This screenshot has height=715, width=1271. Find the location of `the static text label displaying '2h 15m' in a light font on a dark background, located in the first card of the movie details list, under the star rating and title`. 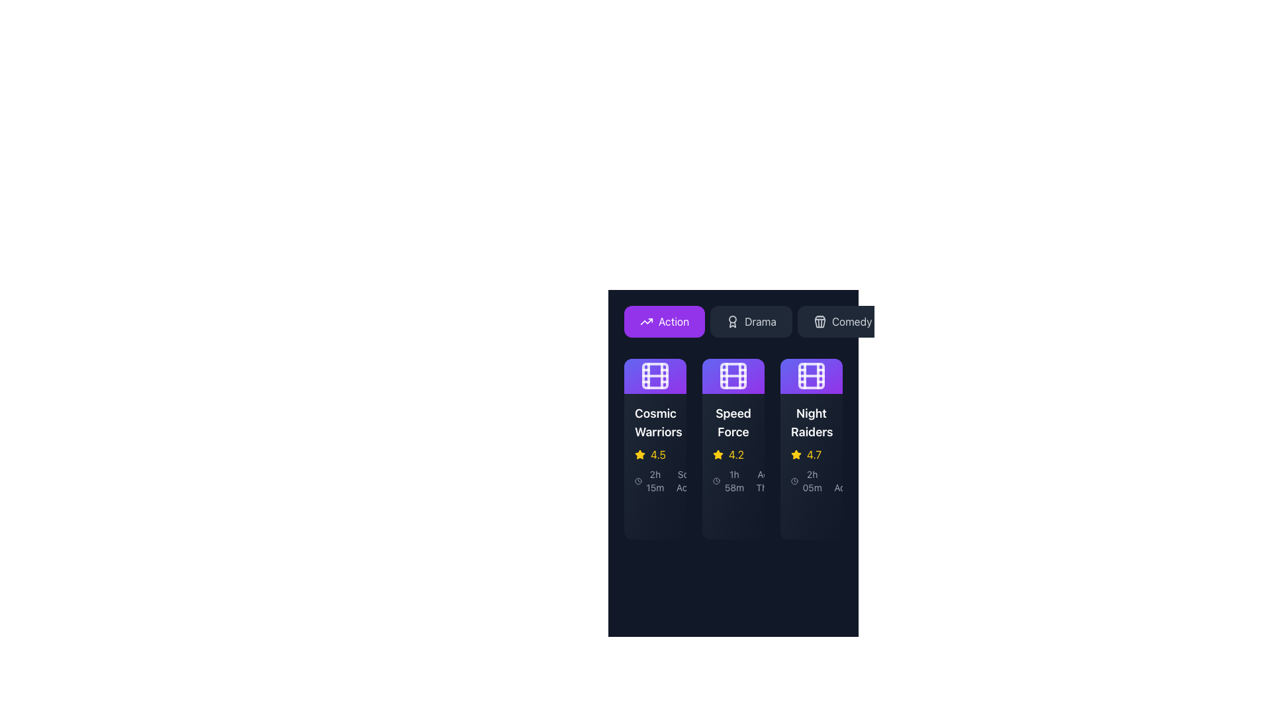

the static text label displaying '2h 15m' in a light font on a dark background, located in the first card of the movie details list, under the star rating and title is located at coordinates (655, 481).